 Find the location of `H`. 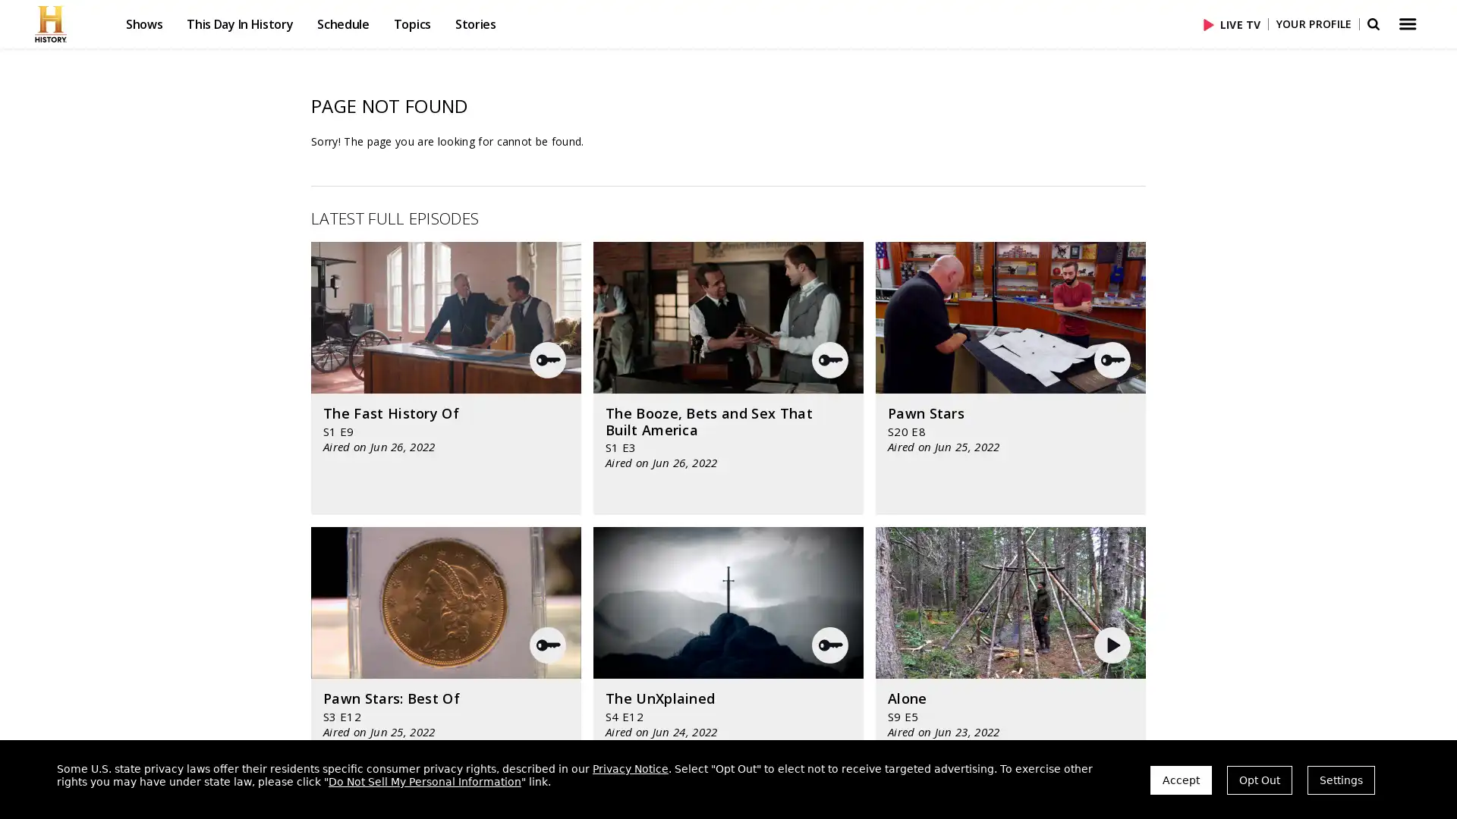

H is located at coordinates (1113, 645).